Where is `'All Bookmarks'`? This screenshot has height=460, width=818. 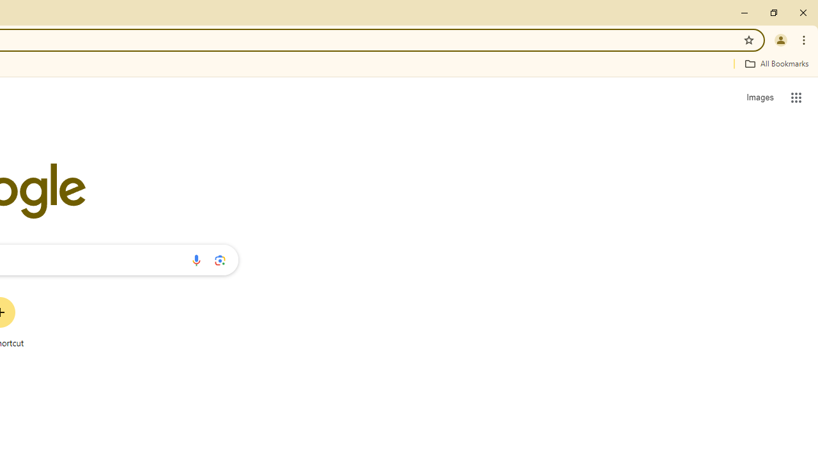 'All Bookmarks' is located at coordinates (776, 63).